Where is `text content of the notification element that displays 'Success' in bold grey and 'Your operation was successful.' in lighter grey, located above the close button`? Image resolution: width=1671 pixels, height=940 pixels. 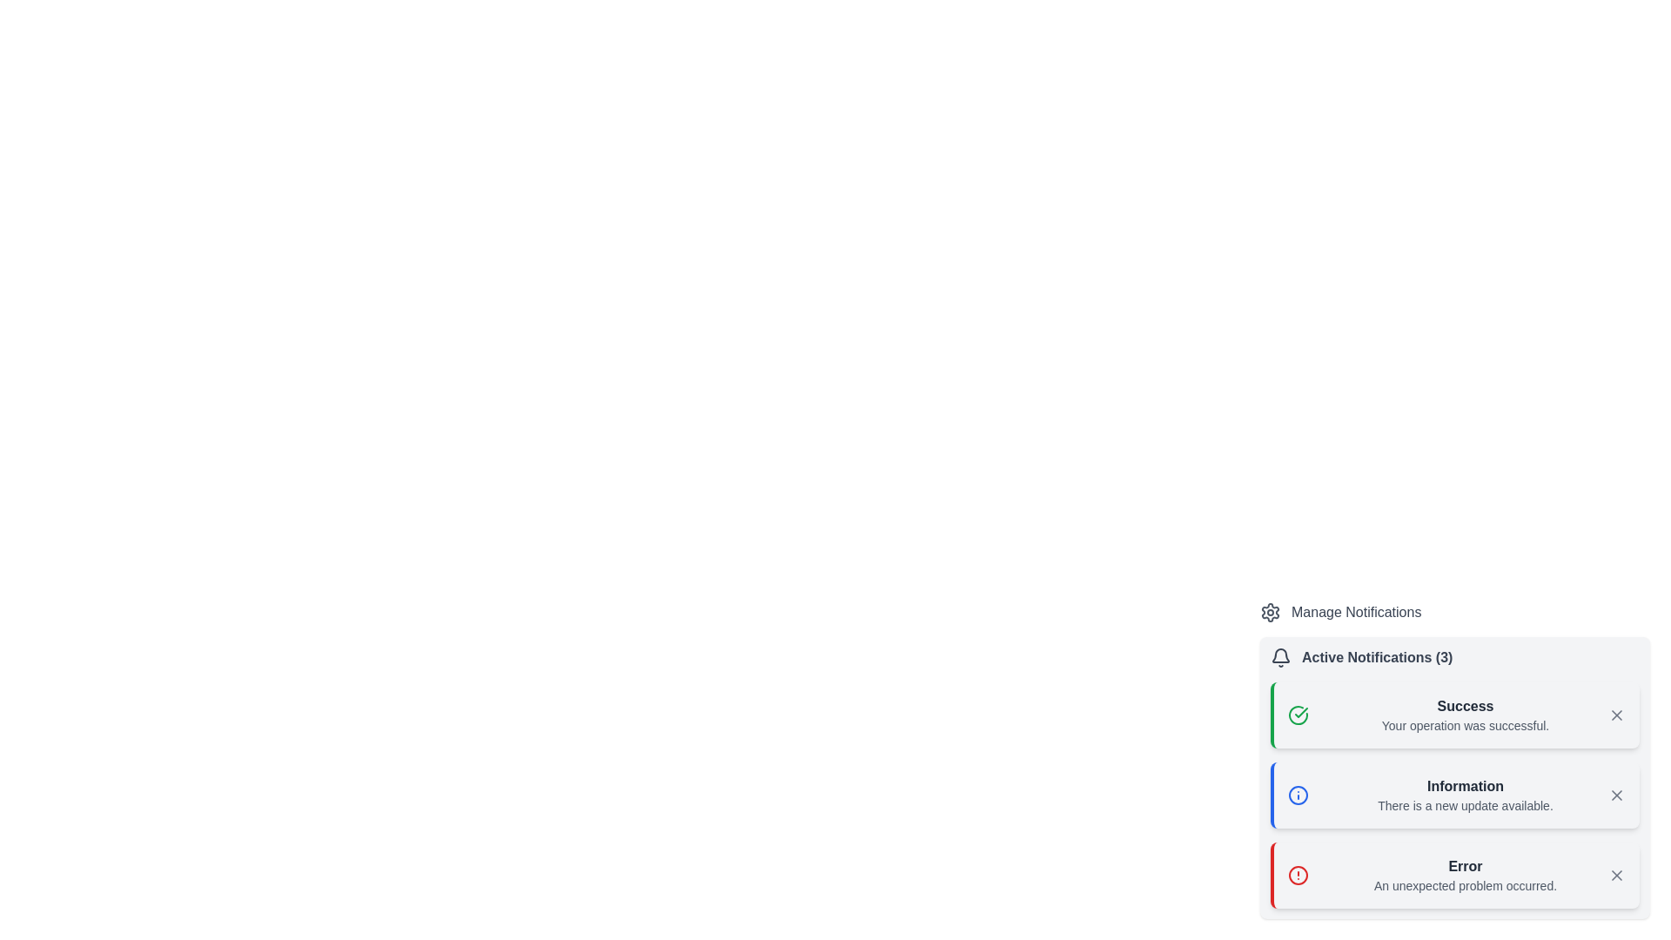 text content of the notification element that displays 'Success' in bold grey and 'Your operation was successful.' in lighter grey, located above the close button is located at coordinates (1465, 715).